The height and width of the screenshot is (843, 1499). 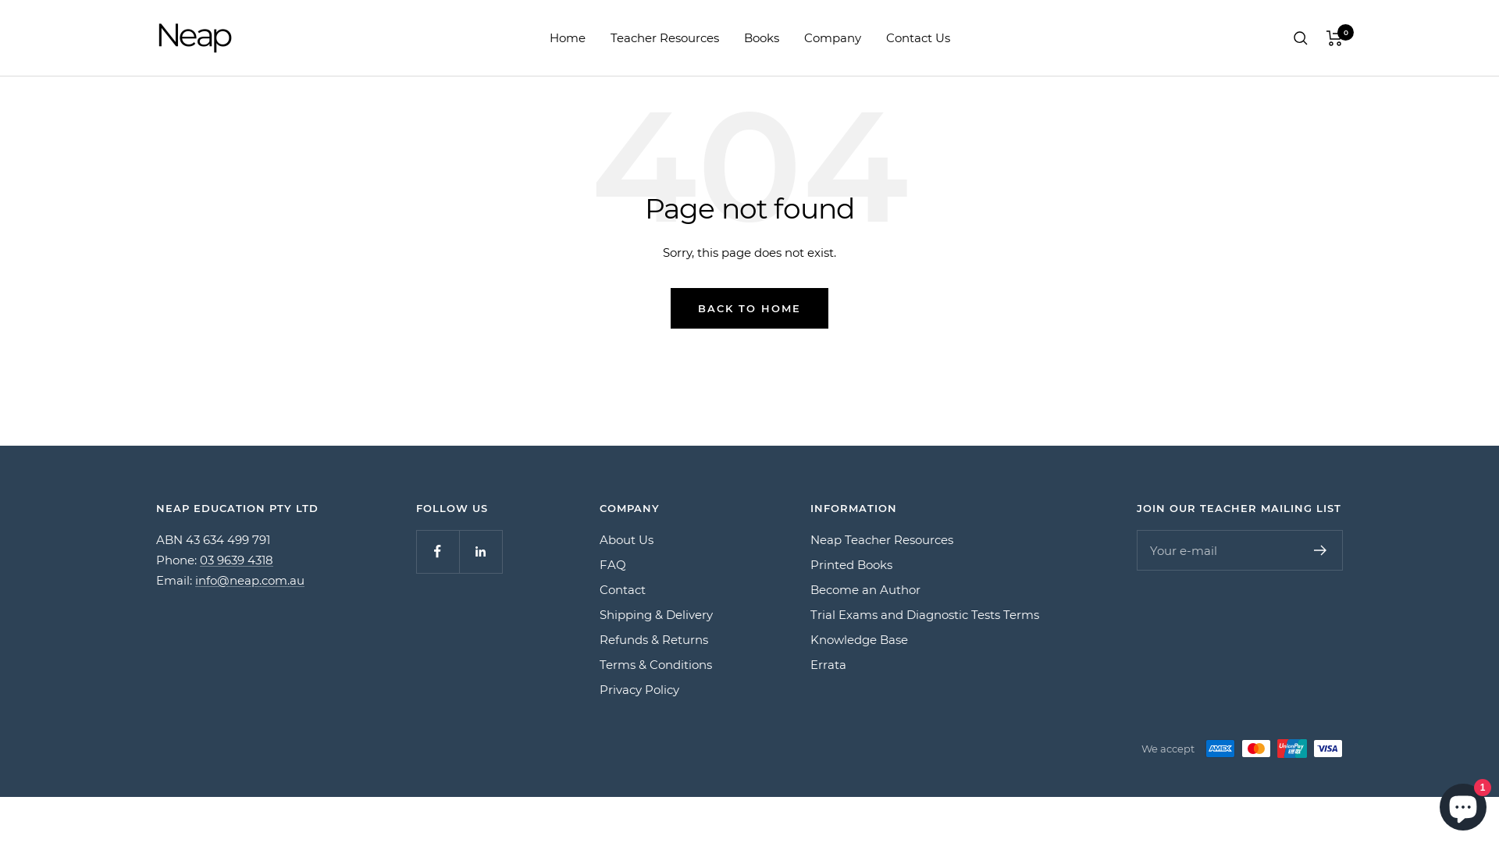 I want to click on 'Knowledge Base', so click(x=858, y=640).